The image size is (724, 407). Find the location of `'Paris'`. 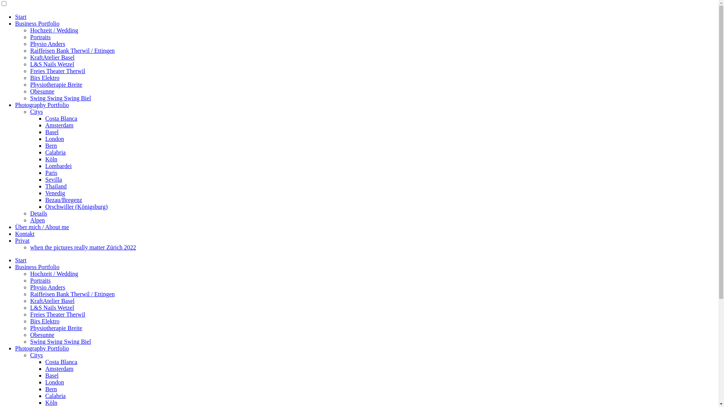

'Paris' is located at coordinates (51, 173).